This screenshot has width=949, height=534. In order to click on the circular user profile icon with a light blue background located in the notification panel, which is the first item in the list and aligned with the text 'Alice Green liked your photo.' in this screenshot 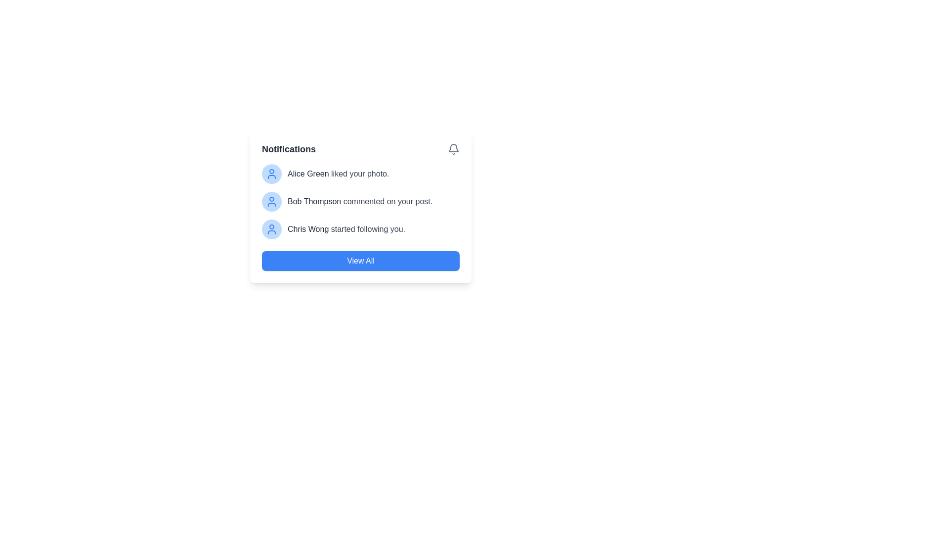, I will do `click(272, 173)`.